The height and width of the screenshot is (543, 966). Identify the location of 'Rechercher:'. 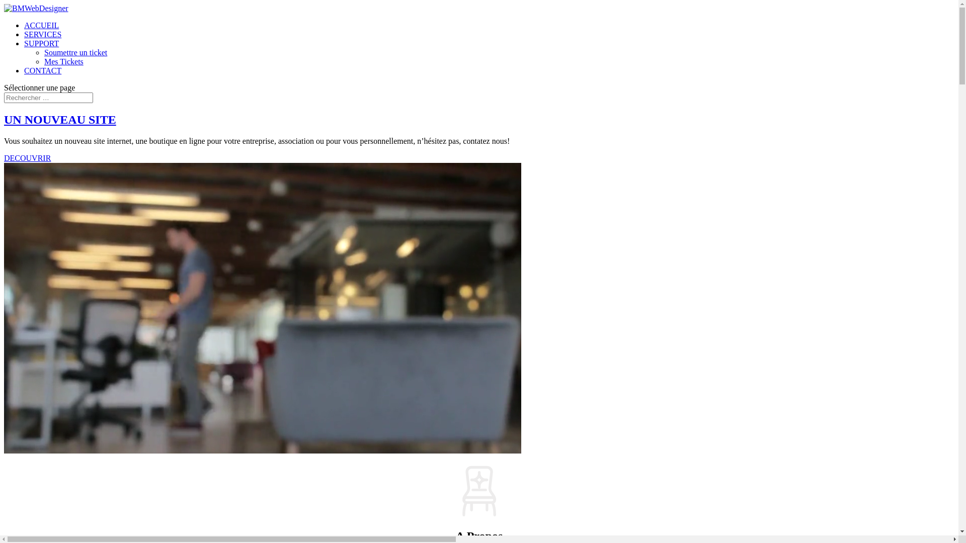
(48, 98).